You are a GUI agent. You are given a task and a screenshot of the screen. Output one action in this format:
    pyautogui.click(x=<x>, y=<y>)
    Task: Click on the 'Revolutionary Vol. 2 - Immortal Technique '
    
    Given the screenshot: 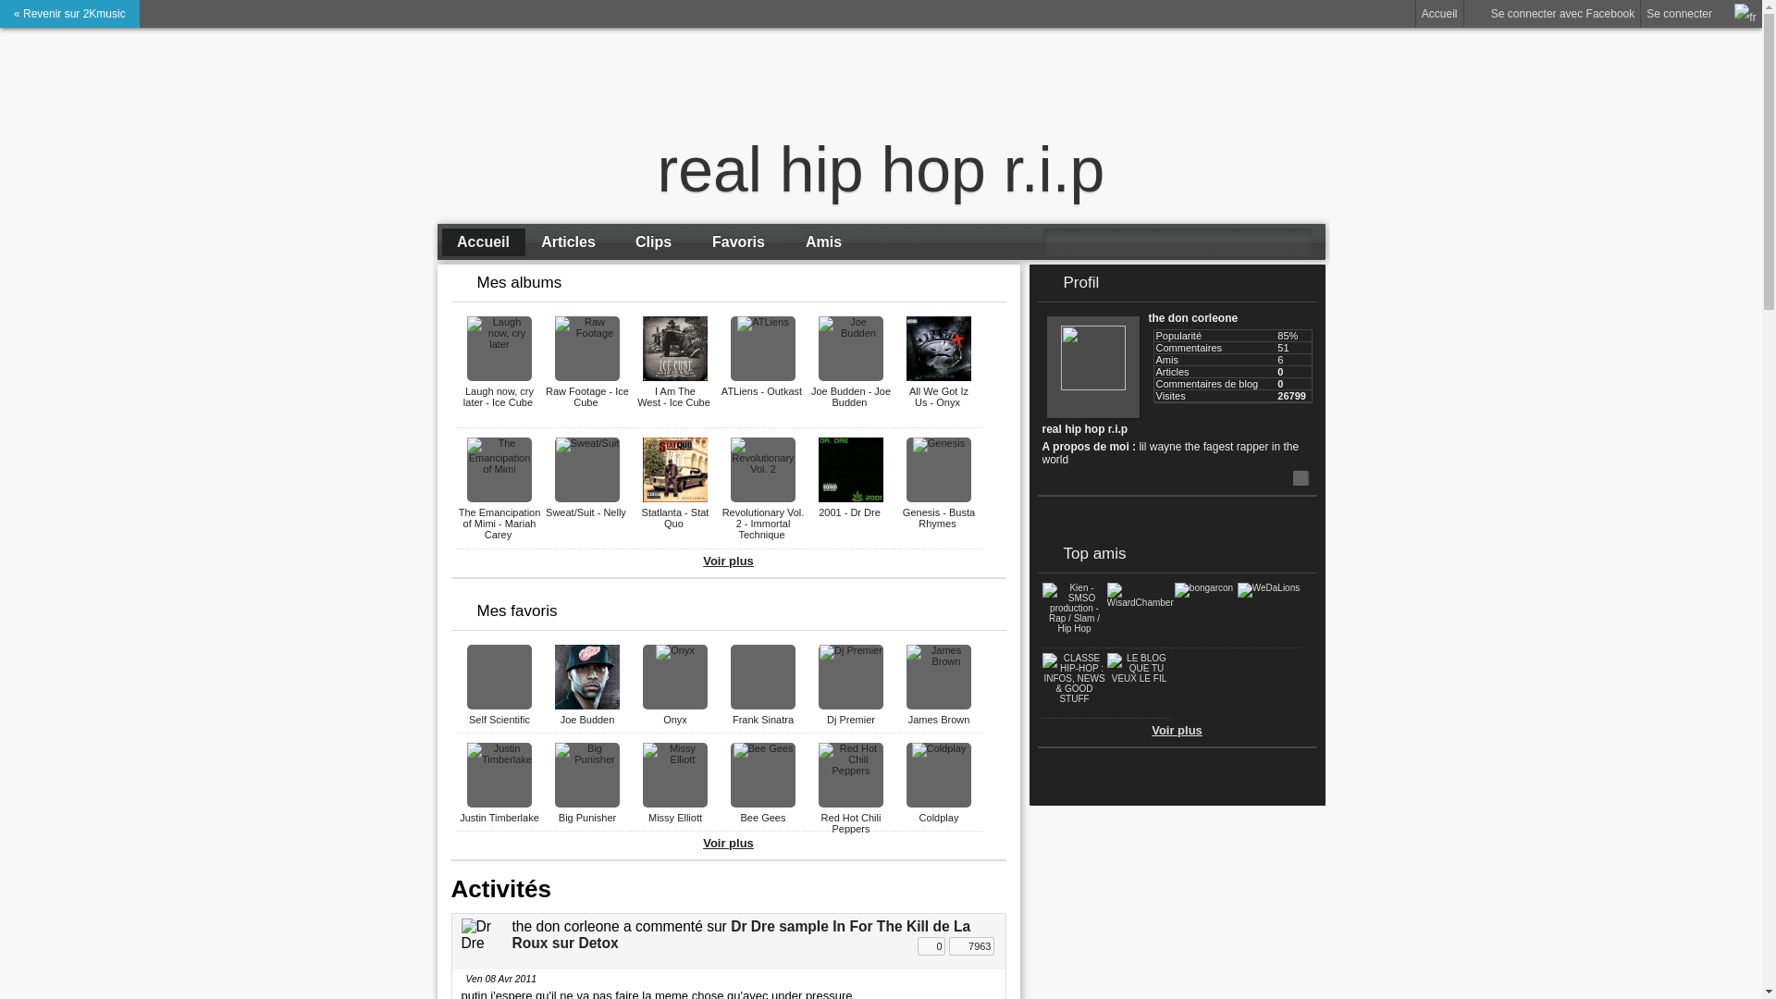 What is the action you would take?
    pyautogui.click(x=763, y=524)
    